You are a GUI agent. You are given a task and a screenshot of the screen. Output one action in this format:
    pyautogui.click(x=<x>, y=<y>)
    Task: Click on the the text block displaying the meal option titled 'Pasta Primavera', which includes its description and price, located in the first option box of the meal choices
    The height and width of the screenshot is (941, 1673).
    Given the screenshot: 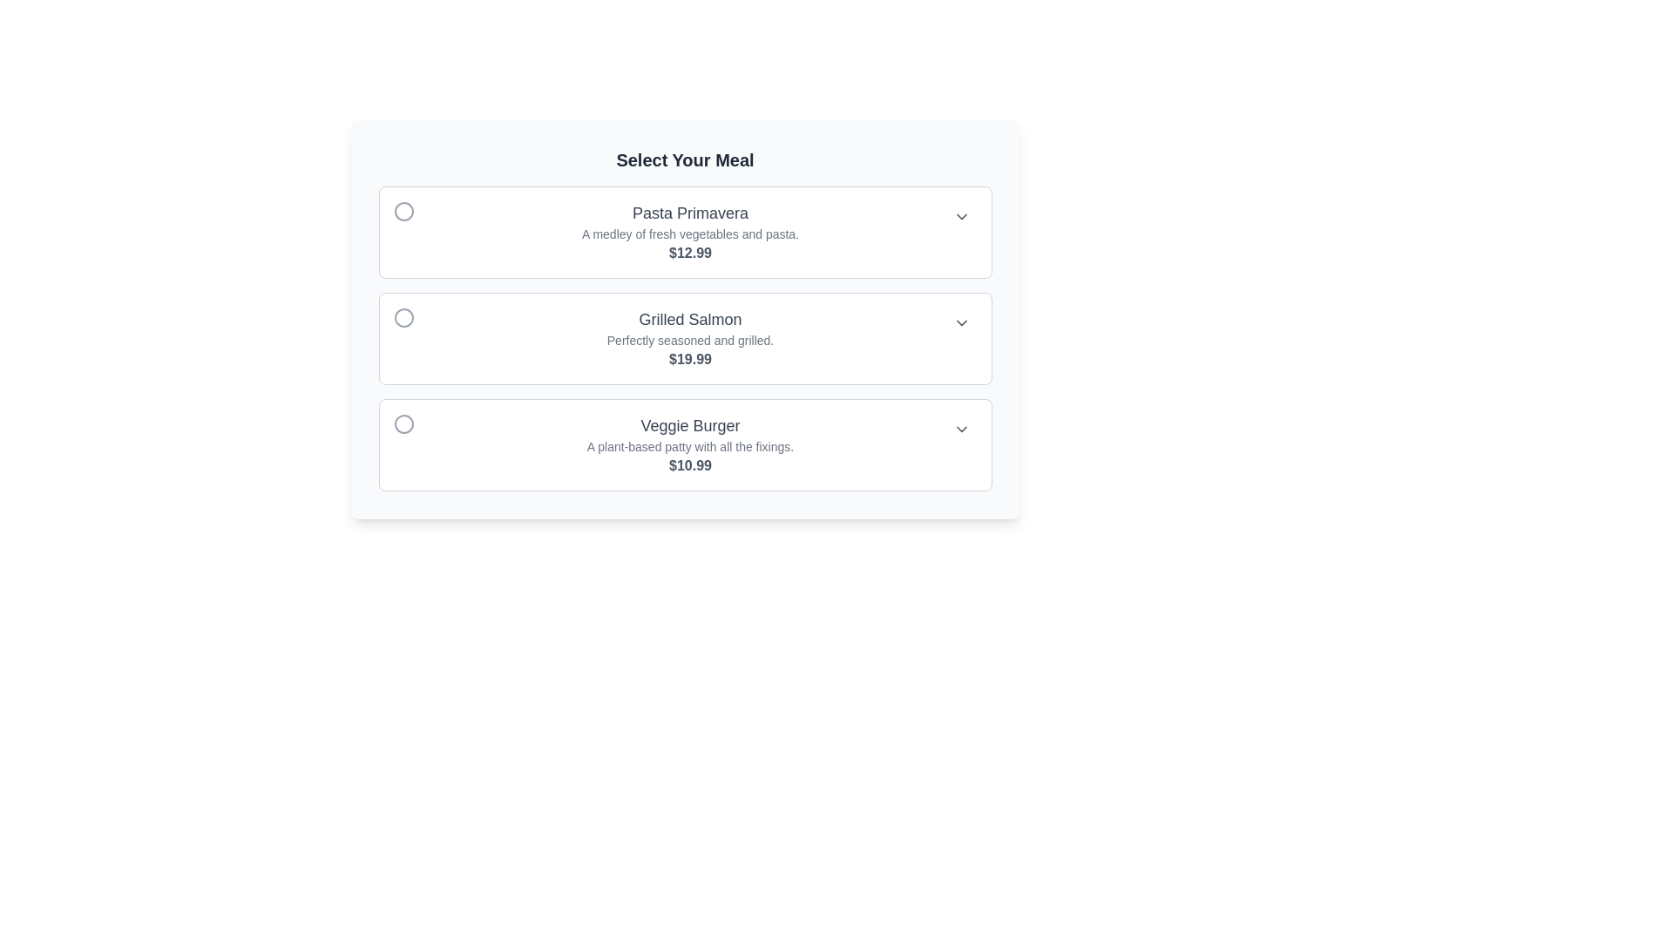 What is the action you would take?
    pyautogui.click(x=689, y=231)
    